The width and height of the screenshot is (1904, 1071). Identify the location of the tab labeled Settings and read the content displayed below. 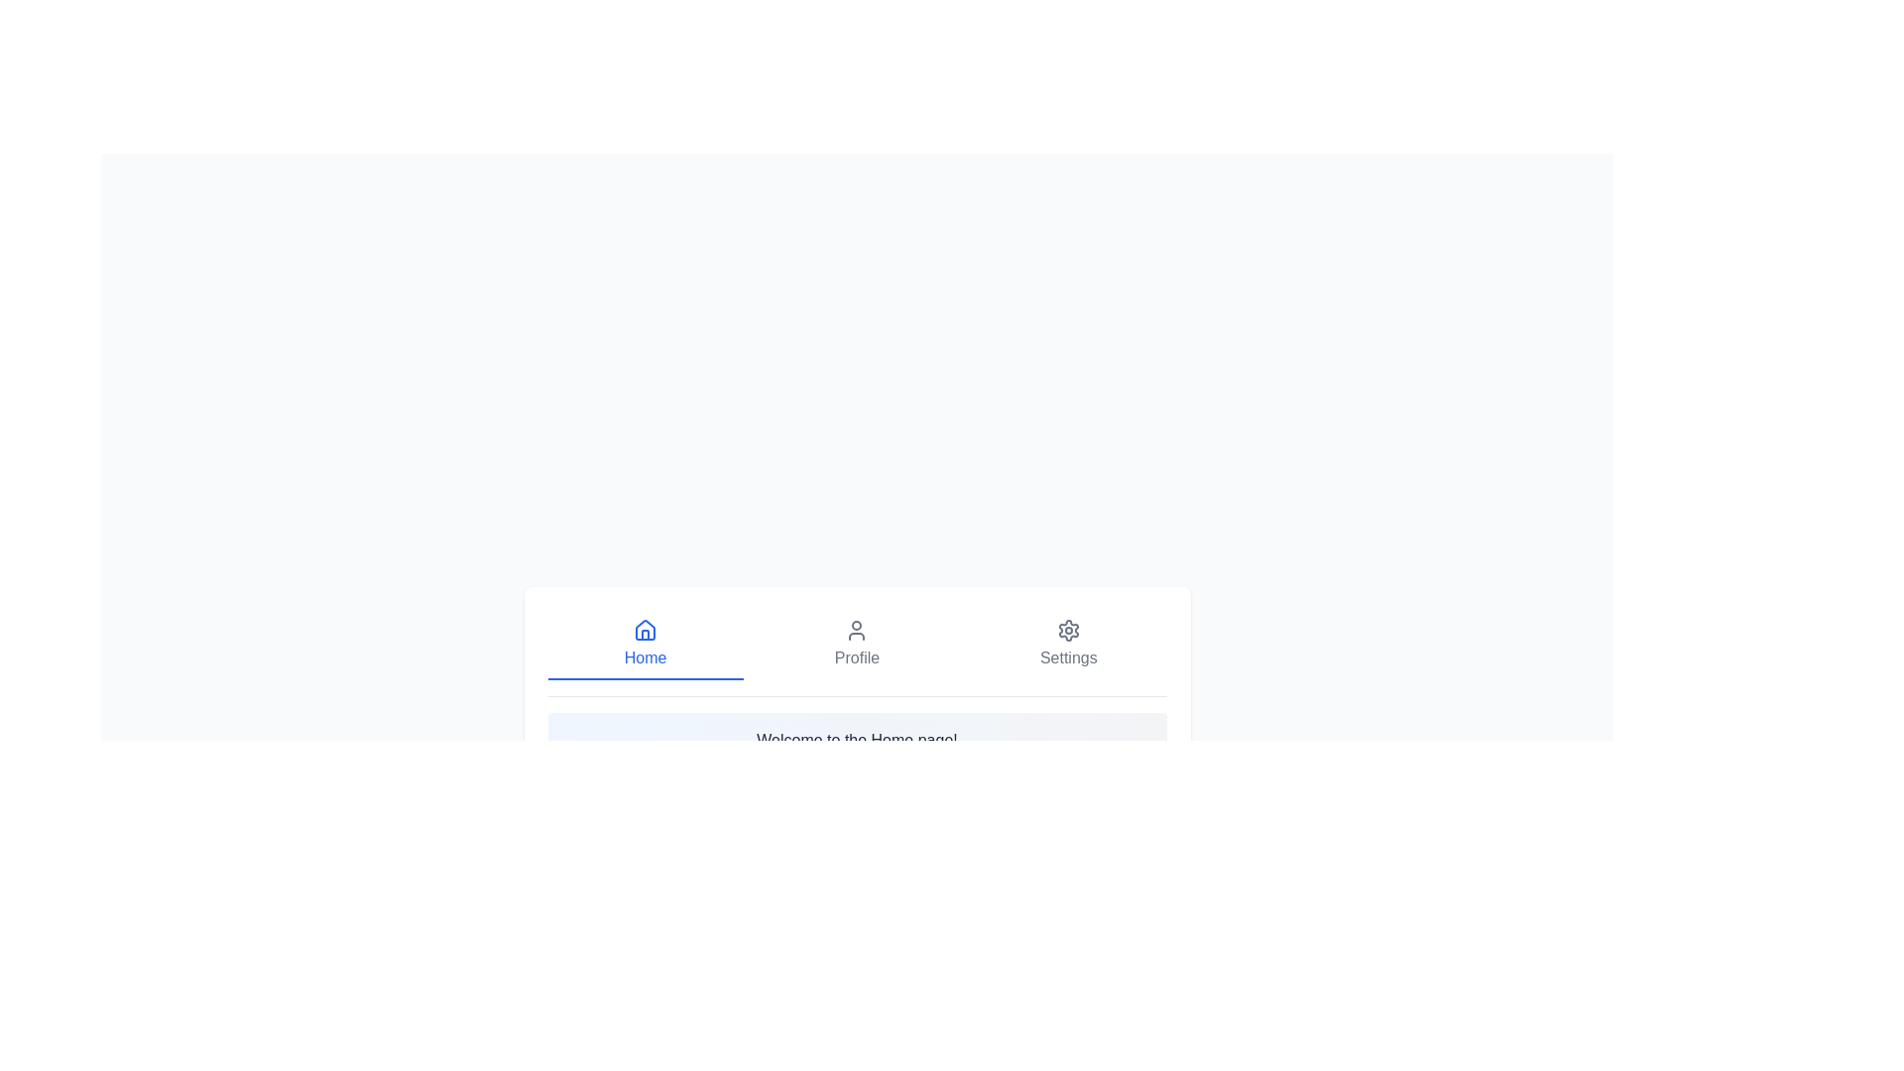
(1067, 645).